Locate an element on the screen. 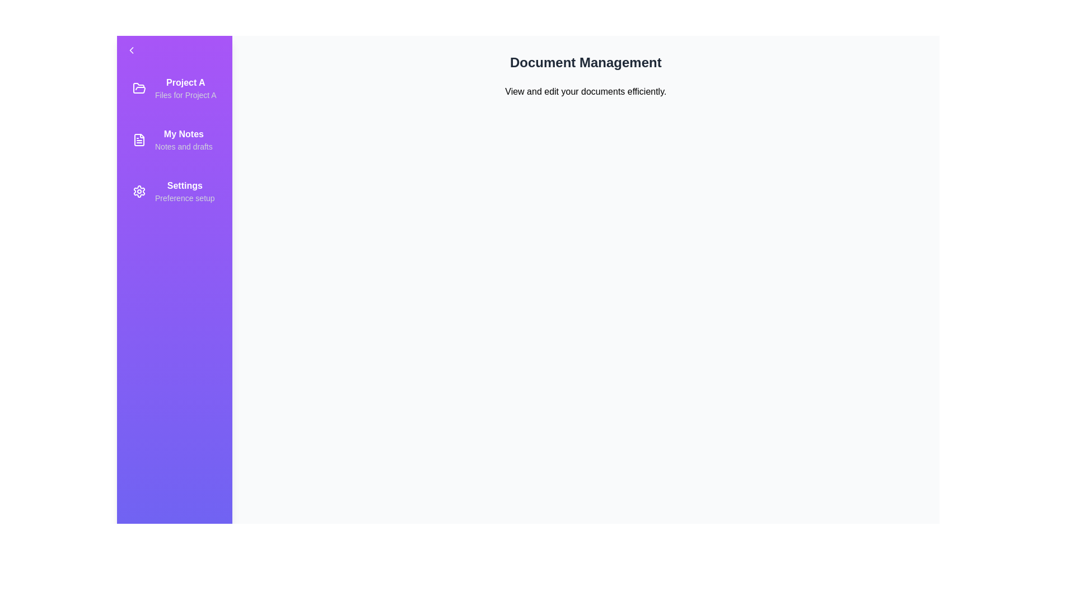  toggle button at the top-left corner of the drawer to toggle its visibility is located at coordinates (132, 49).